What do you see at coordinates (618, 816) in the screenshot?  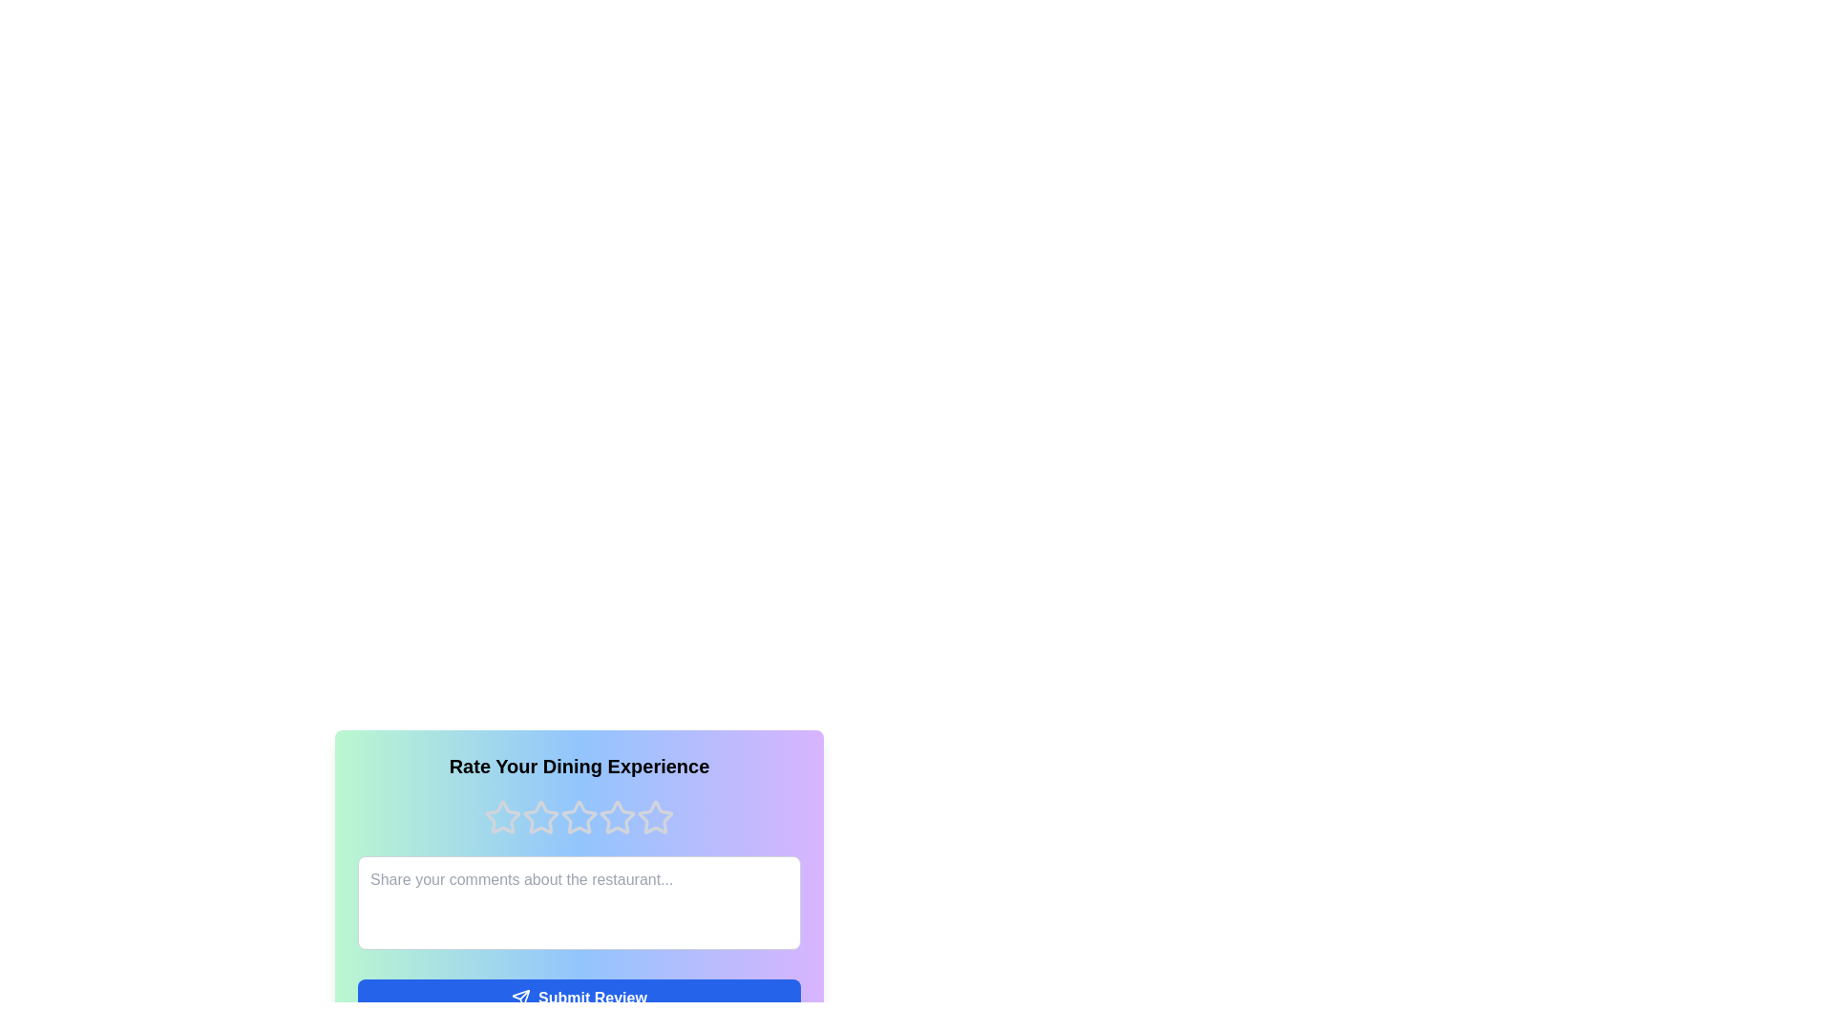 I see `the third star-shaped Rating icon, which has a thin gray outline and is part of a horizontal row indicating a rating system` at bounding box center [618, 816].